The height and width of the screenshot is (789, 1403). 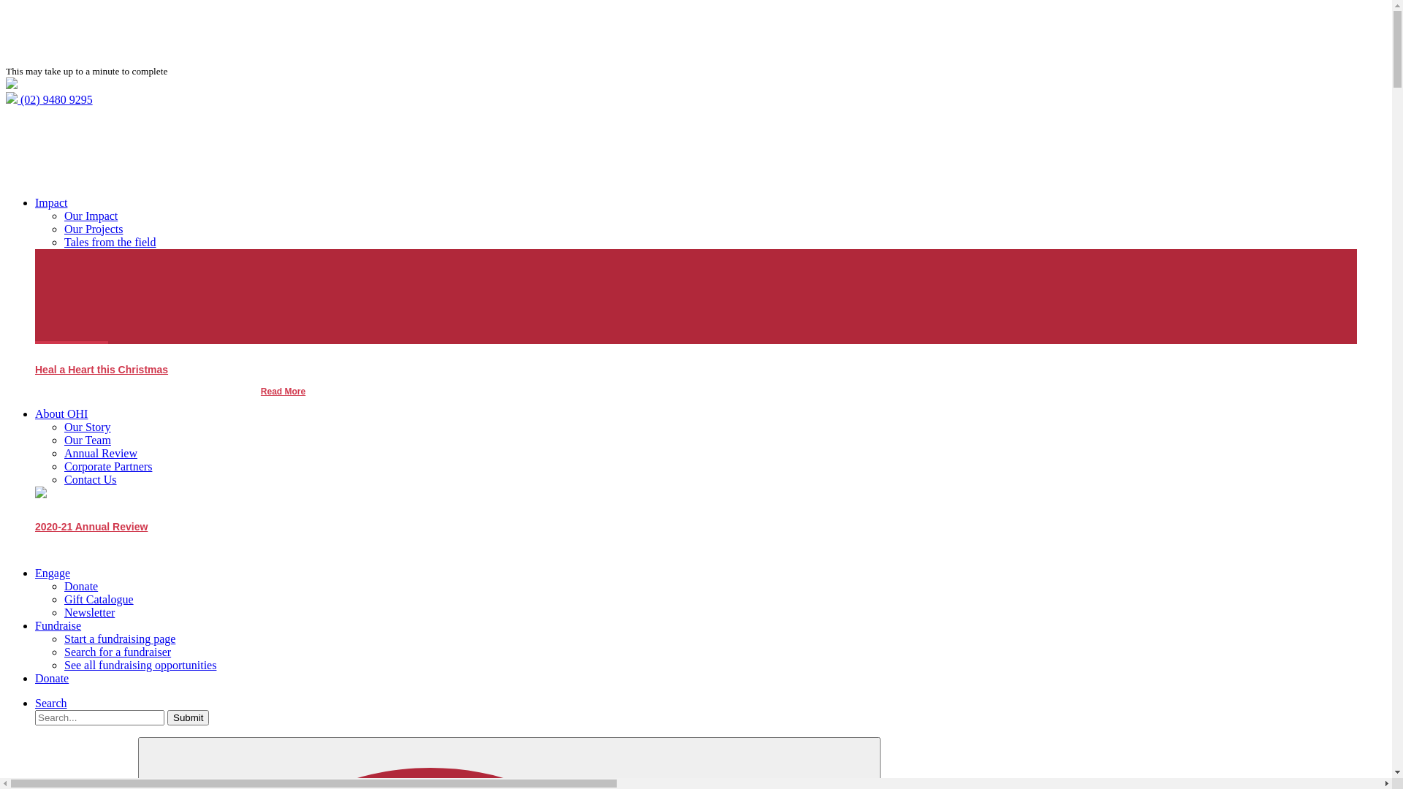 What do you see at coordinates (52, 678) in the screenshot?
I see `'Donate'` at bounding box center [52, 678].